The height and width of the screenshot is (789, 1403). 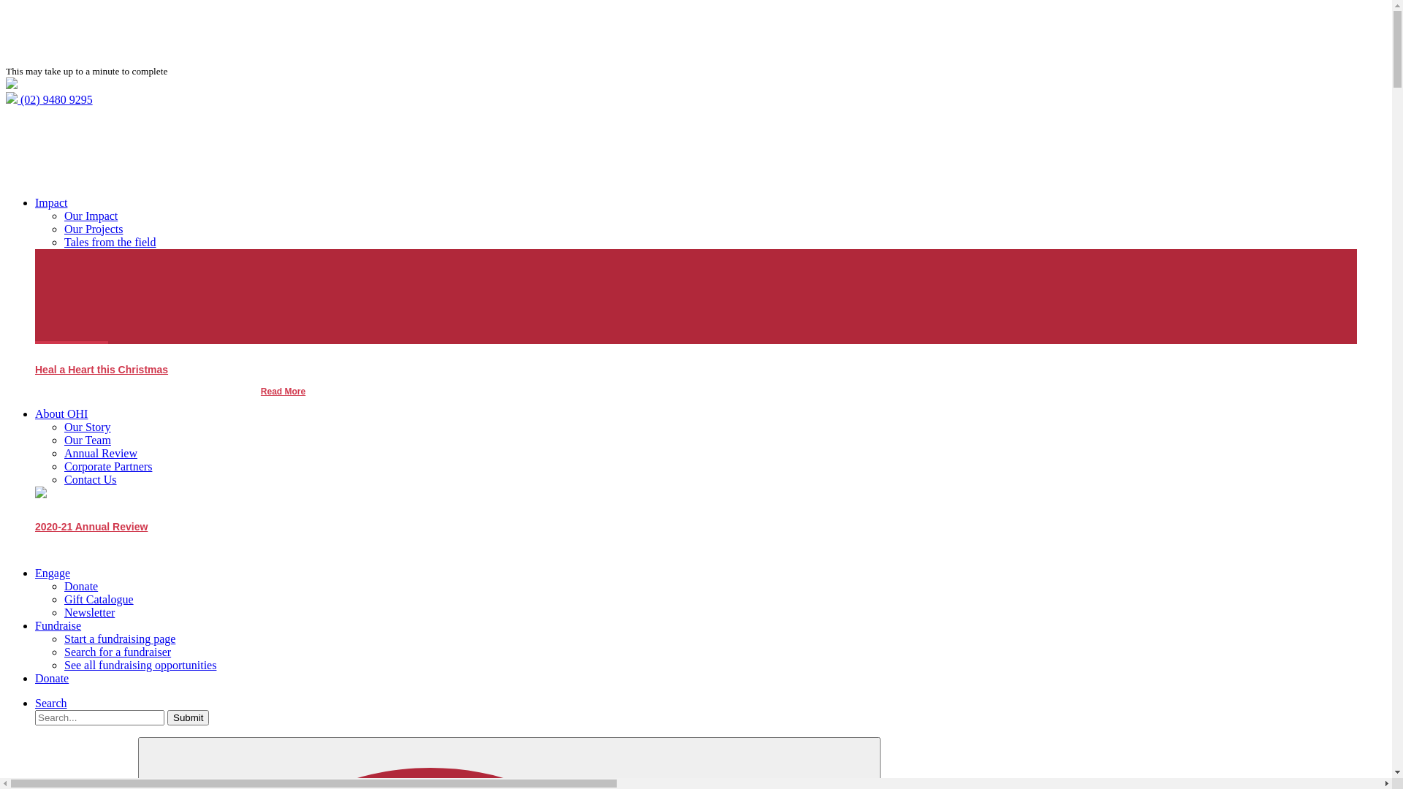 What do you see at coordinates (52, 678) in the screenshot?
I see `'Donate'` at bounding box center [52, 678].